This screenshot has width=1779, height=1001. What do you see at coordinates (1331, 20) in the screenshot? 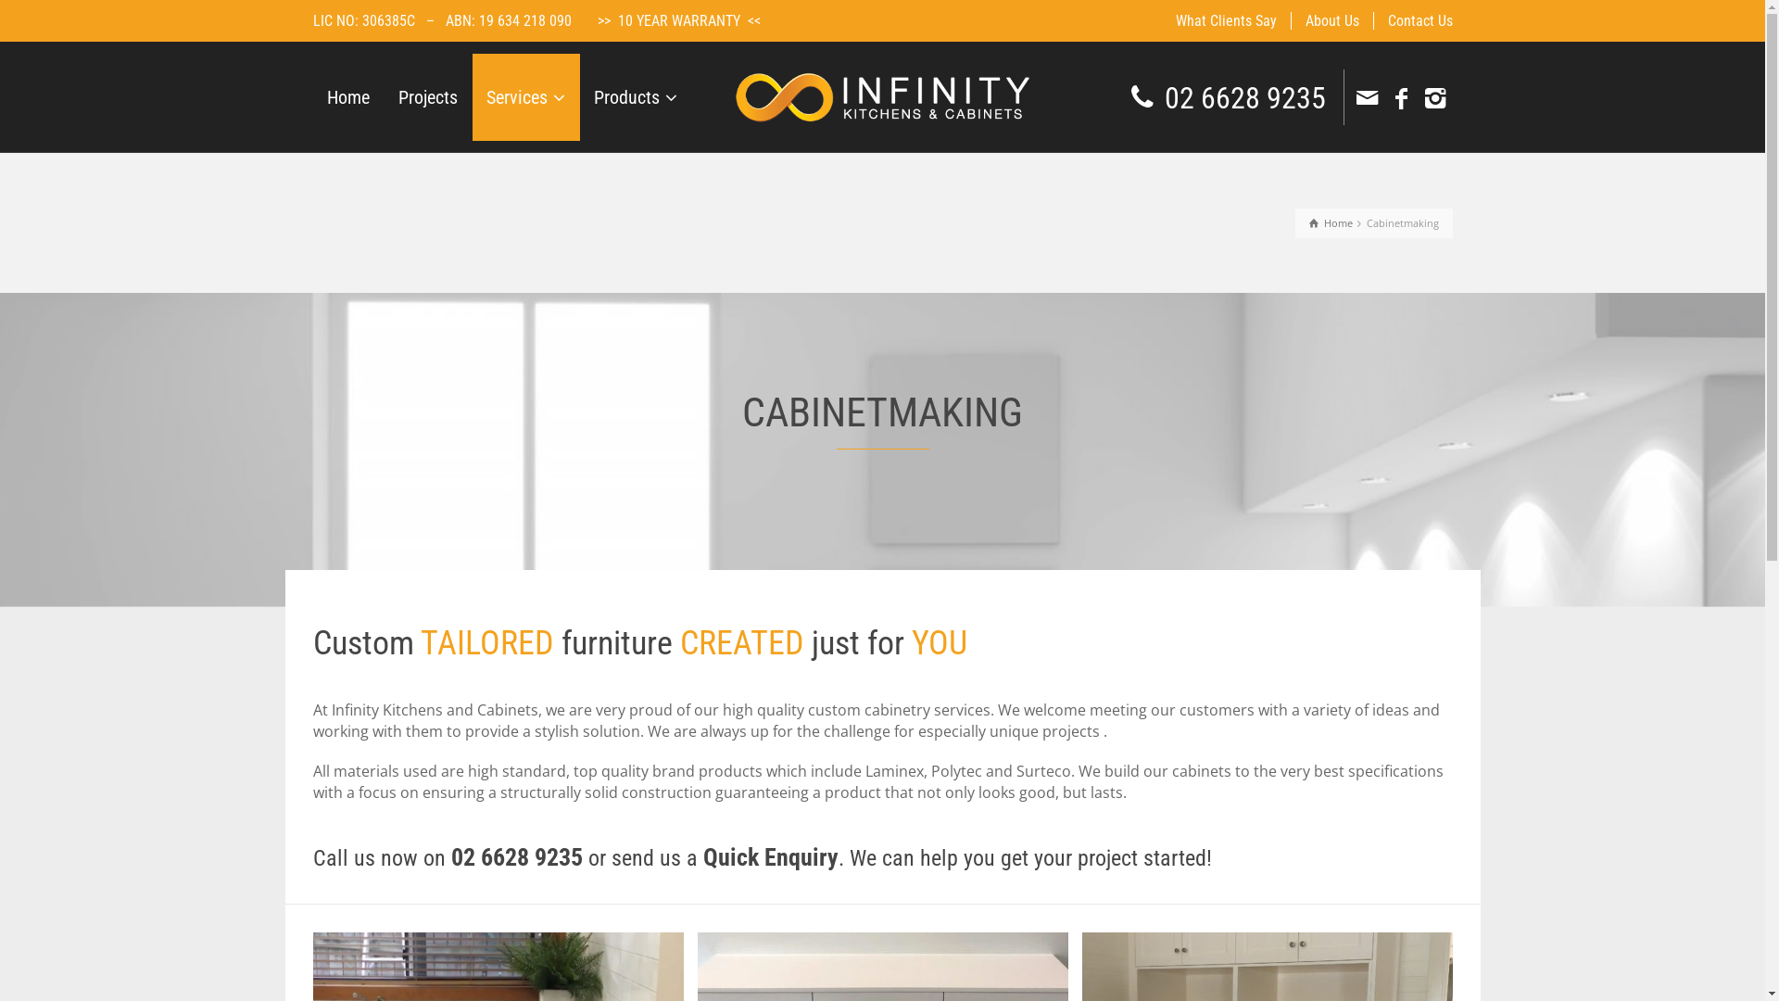
I see `'About Us'` at bounding box center [1331, 20].